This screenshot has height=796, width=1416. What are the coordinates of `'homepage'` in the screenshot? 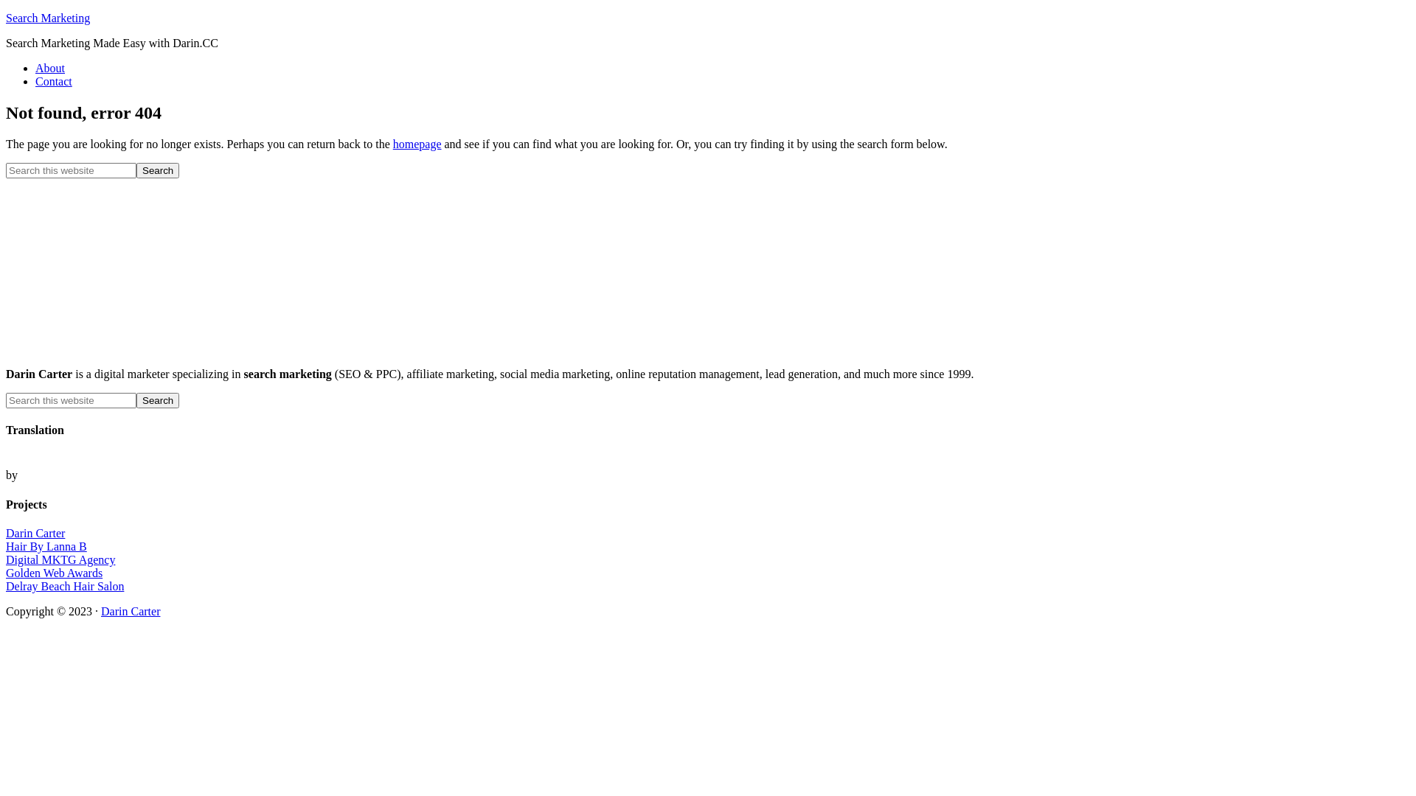 It's located at (417, 144).